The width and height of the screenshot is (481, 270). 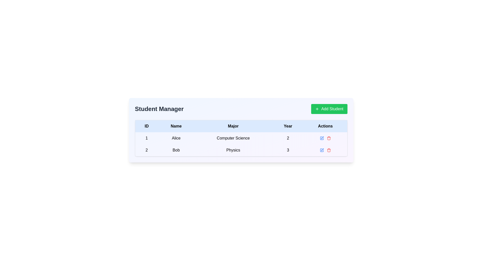 I want to click on the text display element showing the name 'Alice' located in the first row, second cell of a table under the 'Name' column, so click(x=176, y=138).